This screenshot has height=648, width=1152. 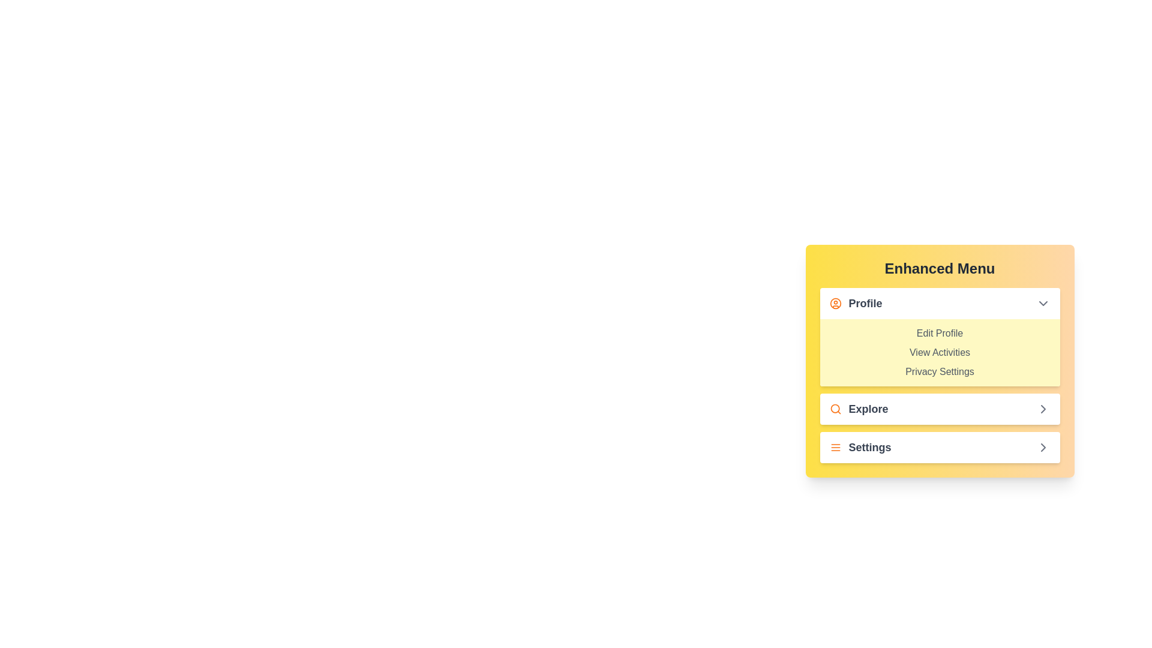 I want to click on the chevron icon located at the rightmost position within the 'Settings' item in the menu list, which indicates navigation to a deeper menu or page, so click(x=1042, y=409).